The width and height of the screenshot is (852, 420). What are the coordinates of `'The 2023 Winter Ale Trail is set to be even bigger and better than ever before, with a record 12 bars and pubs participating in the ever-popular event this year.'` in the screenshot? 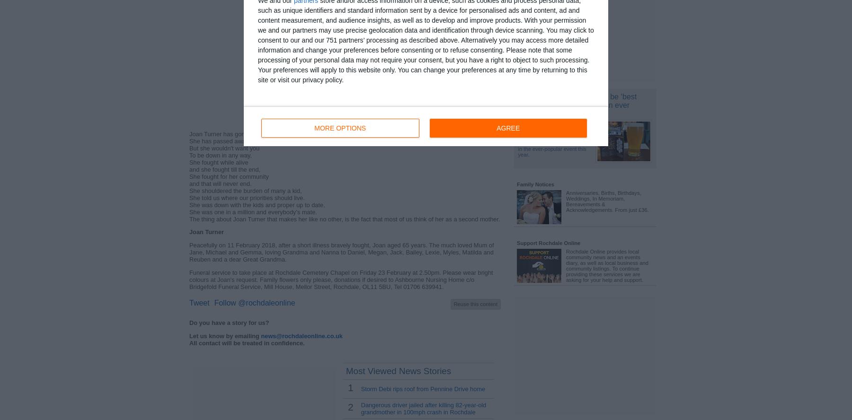 It's located at (554, 140).